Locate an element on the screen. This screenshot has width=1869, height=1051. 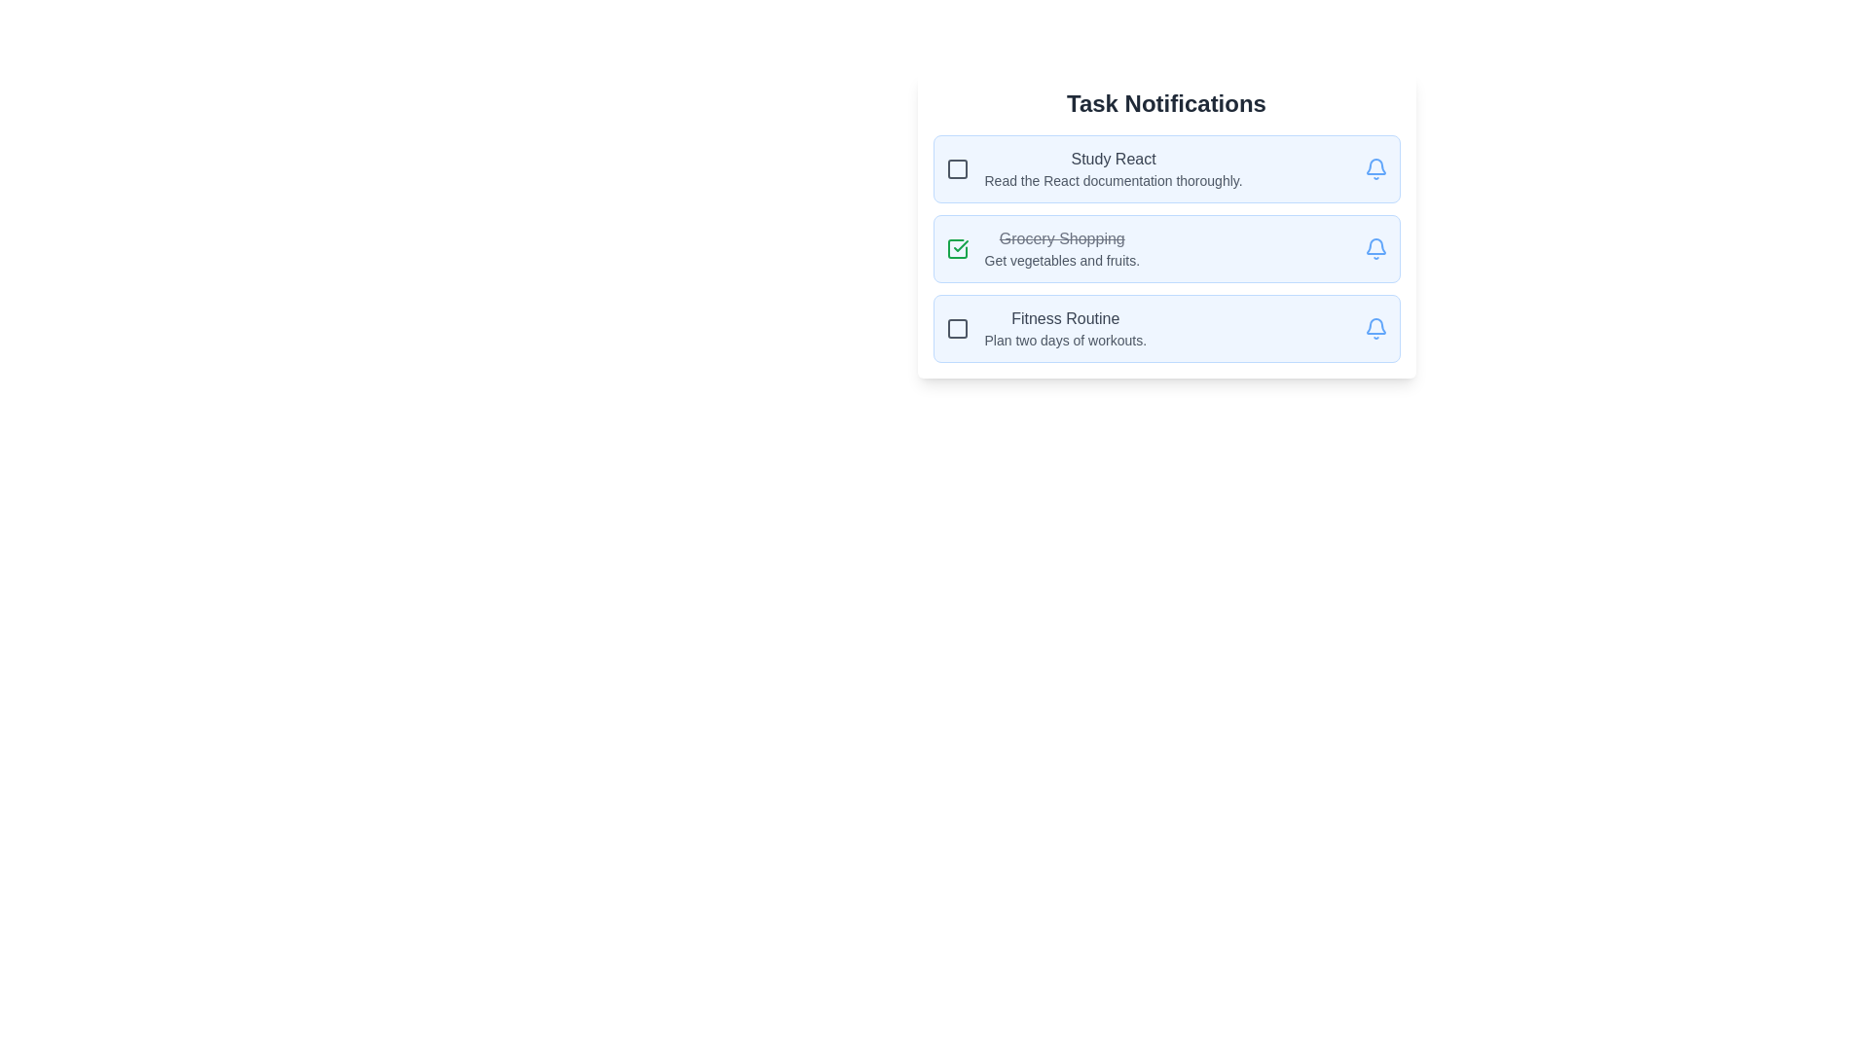
the 'Grocery Shopping' text label, which is styled with a line-through and indicates a completed task in the task list interface is located at coordinates (1061, 238).